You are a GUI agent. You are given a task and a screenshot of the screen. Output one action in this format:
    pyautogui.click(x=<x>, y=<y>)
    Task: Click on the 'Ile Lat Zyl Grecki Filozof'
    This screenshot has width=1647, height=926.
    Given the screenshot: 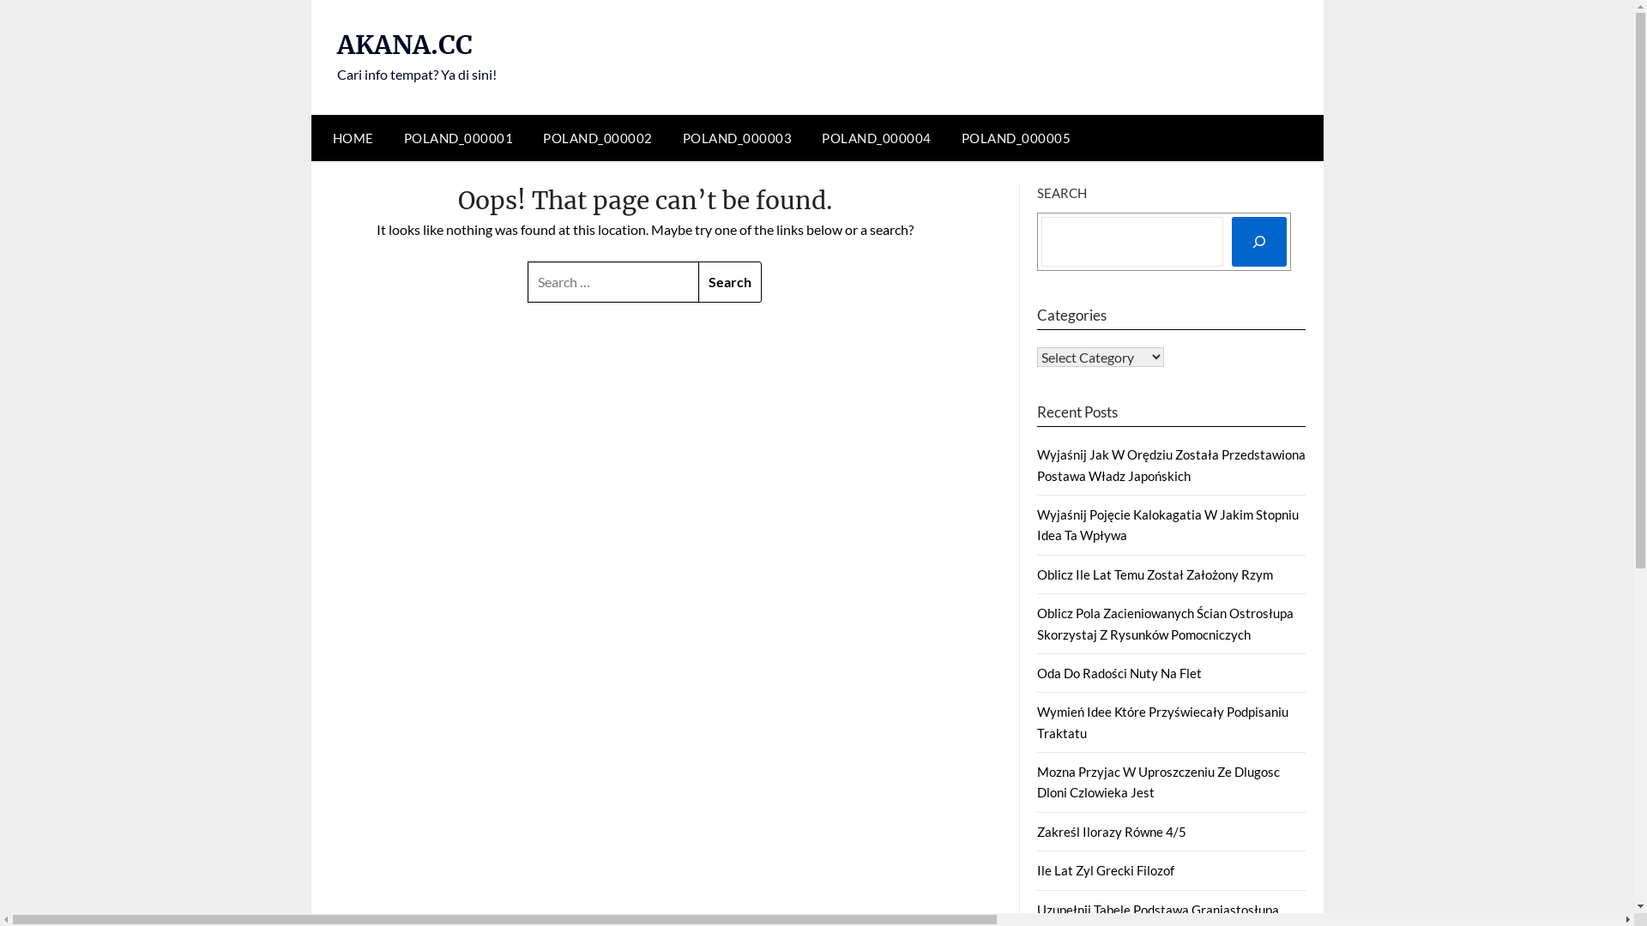 What is the action you would take?
    pyautogui.click(x=1036, y=869)
    